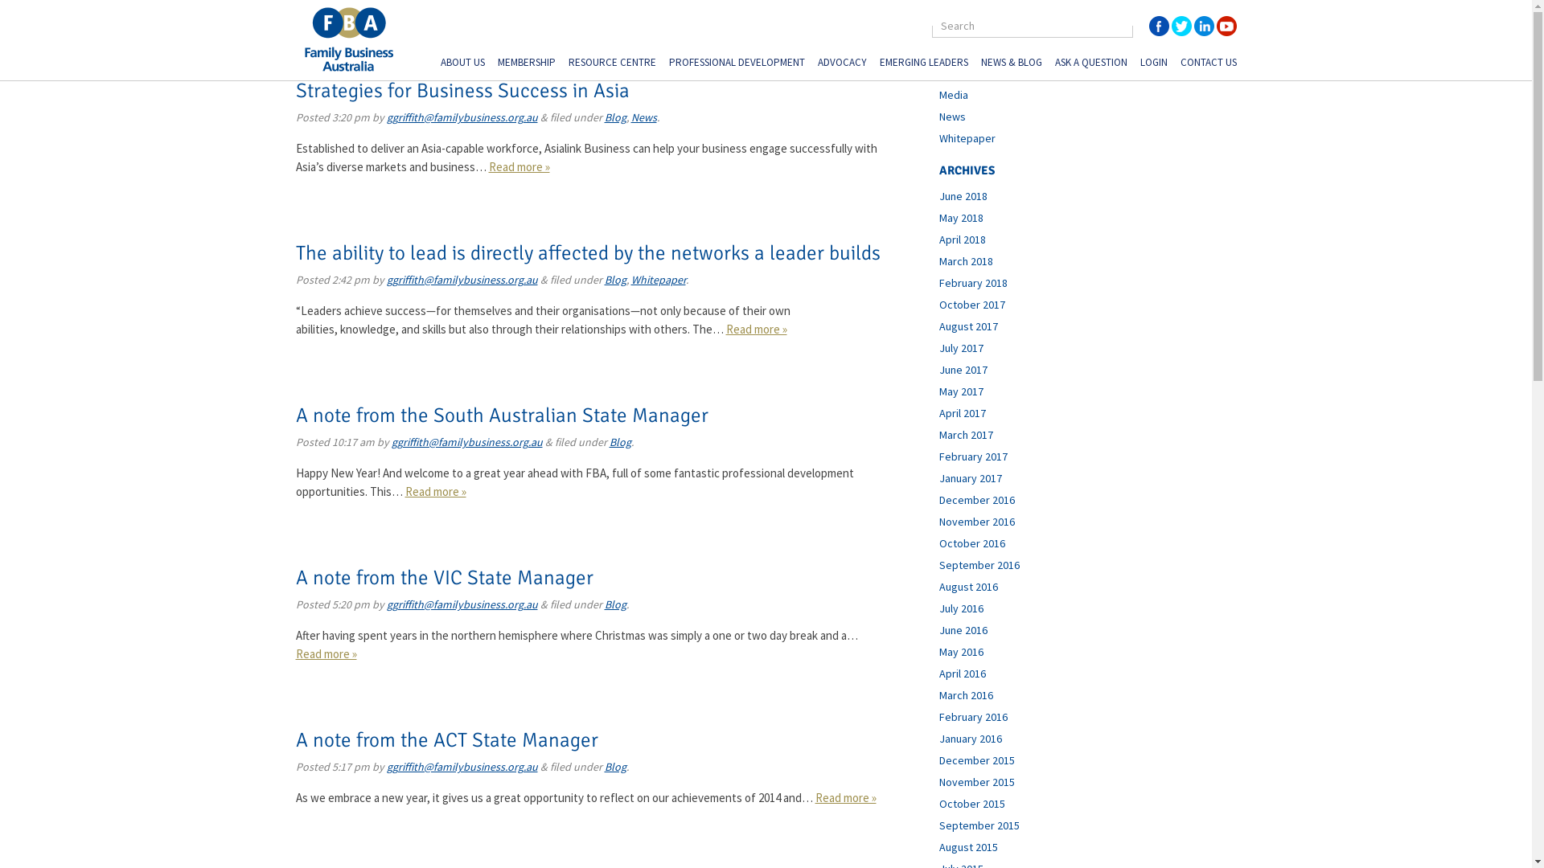 The height and width of the screenshot is (868, 1544). What do you see at coordinates (938, 194) in the screenshot?
I see `'June 2018'` at bounding box center [938, 194].